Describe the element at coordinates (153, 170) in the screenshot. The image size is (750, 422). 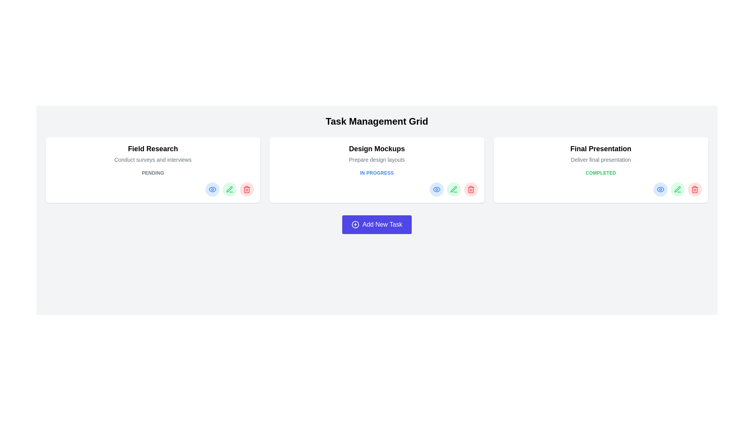
I see `the status of the task displayed on the task summary card located in the leftmost column of the grid layout` at that location.